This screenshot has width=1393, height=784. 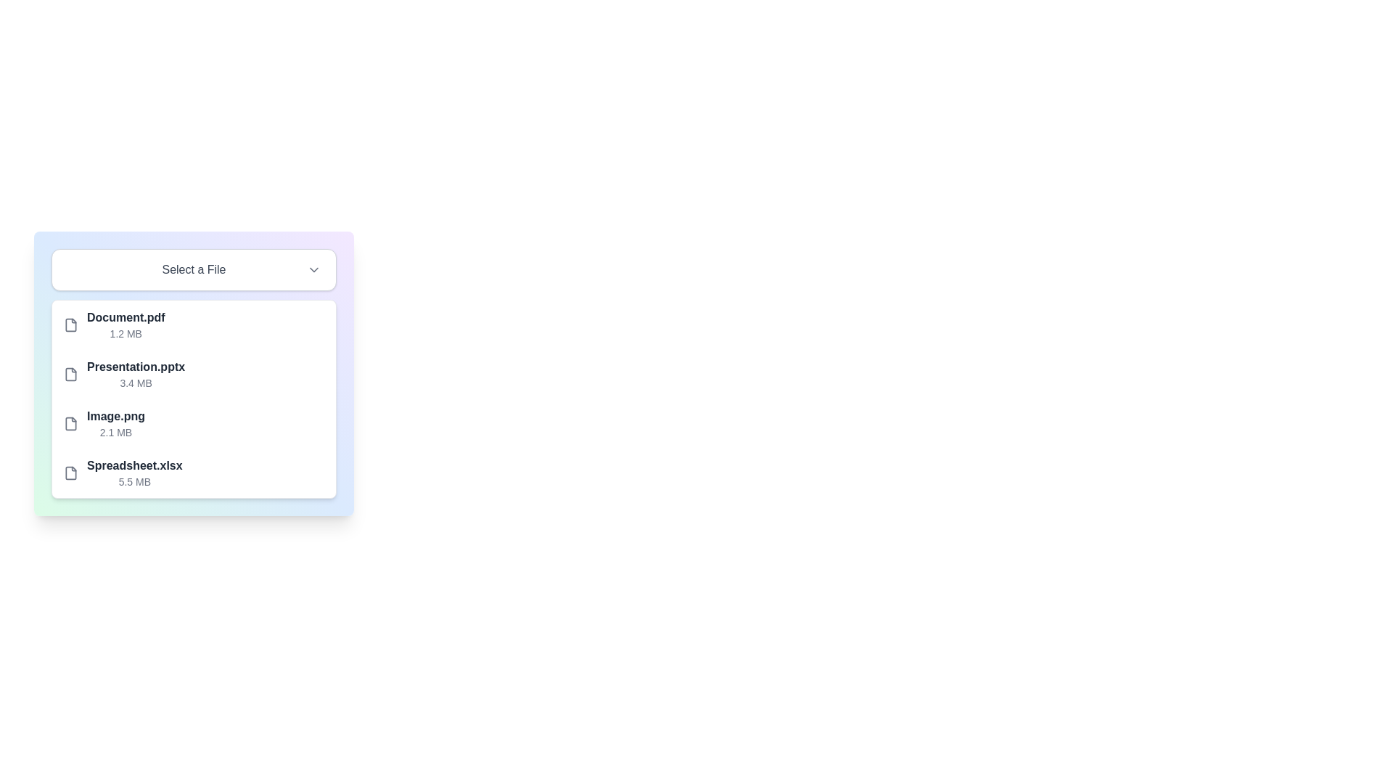 What do you see at coordinates (134, 473) in the screenshot?
I see `the fourth file entry` at bounding box center [134, 473].